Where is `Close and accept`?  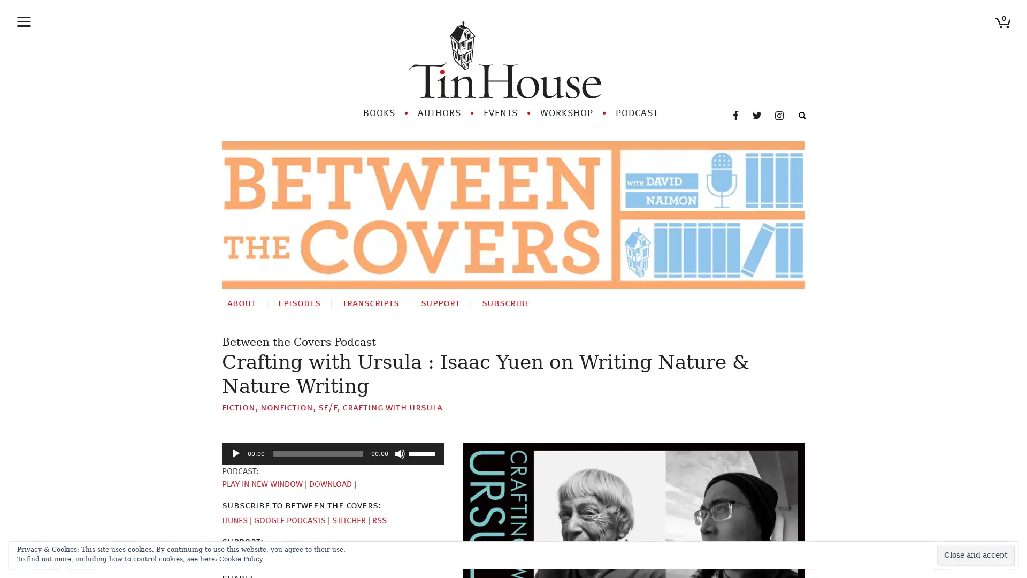 Close and accept is located at coordinates (976, 554).